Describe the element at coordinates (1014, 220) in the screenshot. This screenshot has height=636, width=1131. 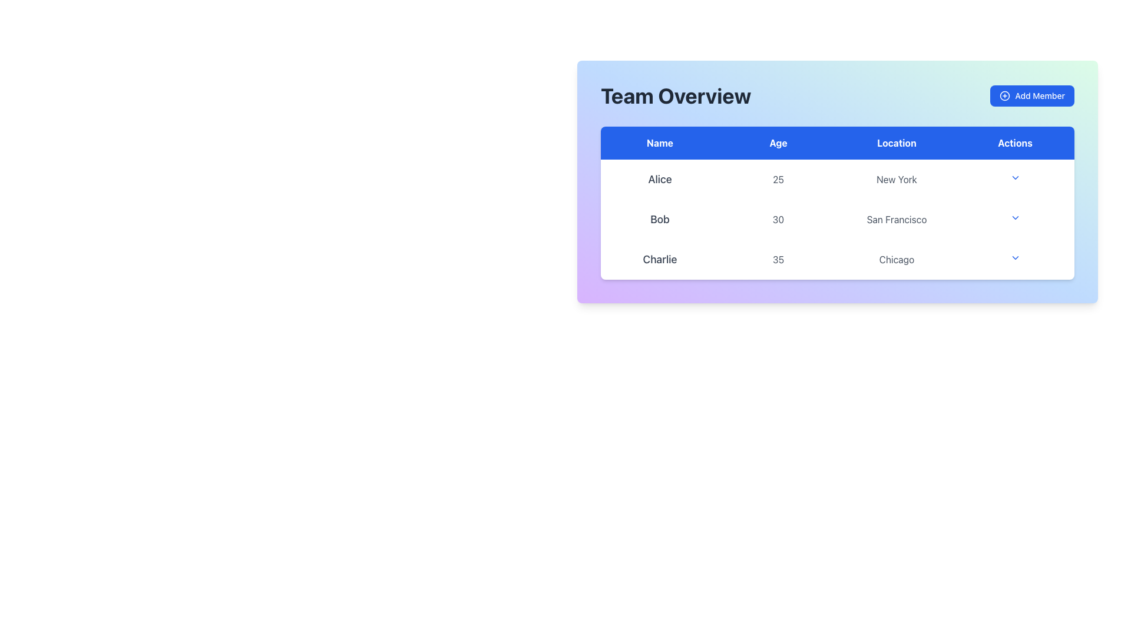
I see `the arrow icon in the 'Actions' column of the second row corresponding to user 'Bob'` at that location.